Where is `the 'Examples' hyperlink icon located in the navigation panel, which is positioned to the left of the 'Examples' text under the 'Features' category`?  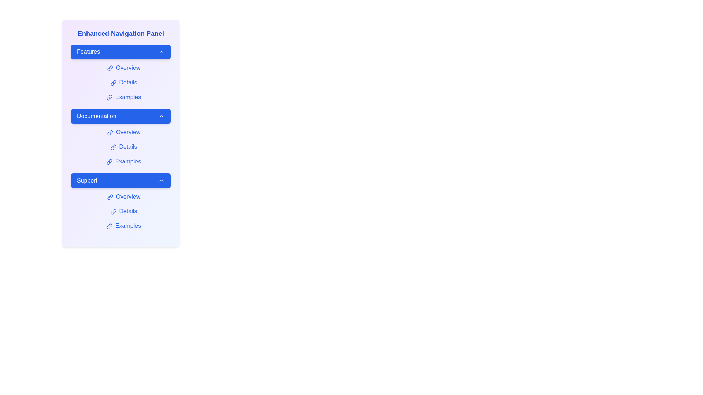 the 'Examples' hyperlink icon located in the navigation panel, which is positioned to the left of the 'Examples' text under the 'Features' category is located at coordinates (109, 97).